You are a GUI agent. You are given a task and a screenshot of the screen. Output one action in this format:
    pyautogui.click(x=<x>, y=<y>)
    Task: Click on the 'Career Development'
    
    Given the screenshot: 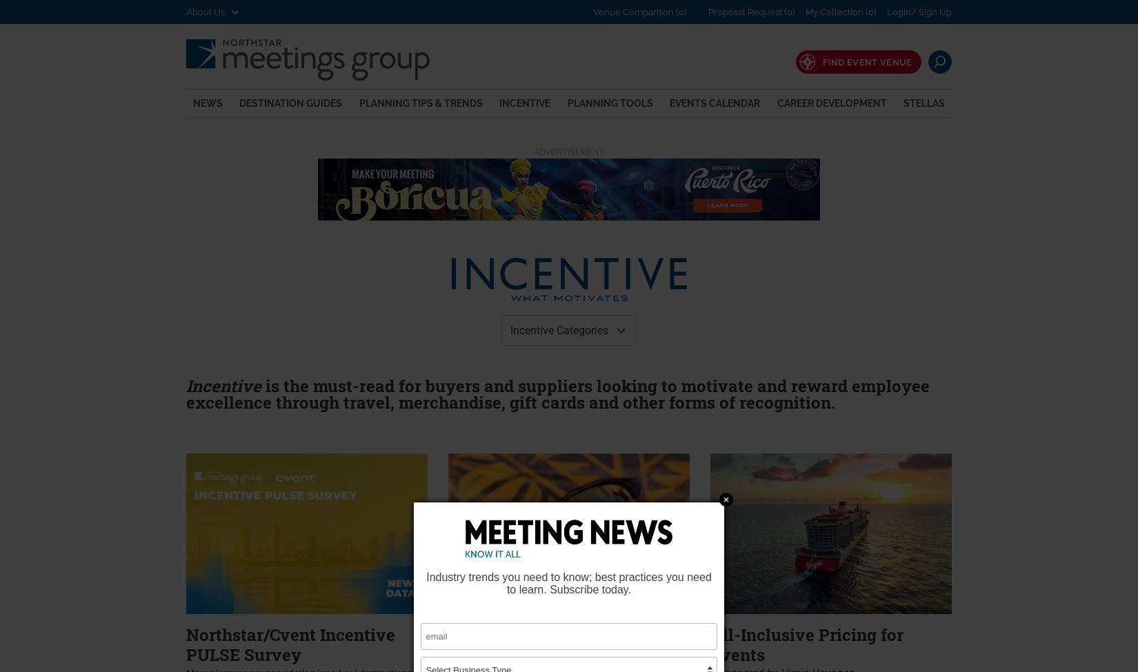 What is the action you would take?
    pyautogui.click(x=831, y=101)
    